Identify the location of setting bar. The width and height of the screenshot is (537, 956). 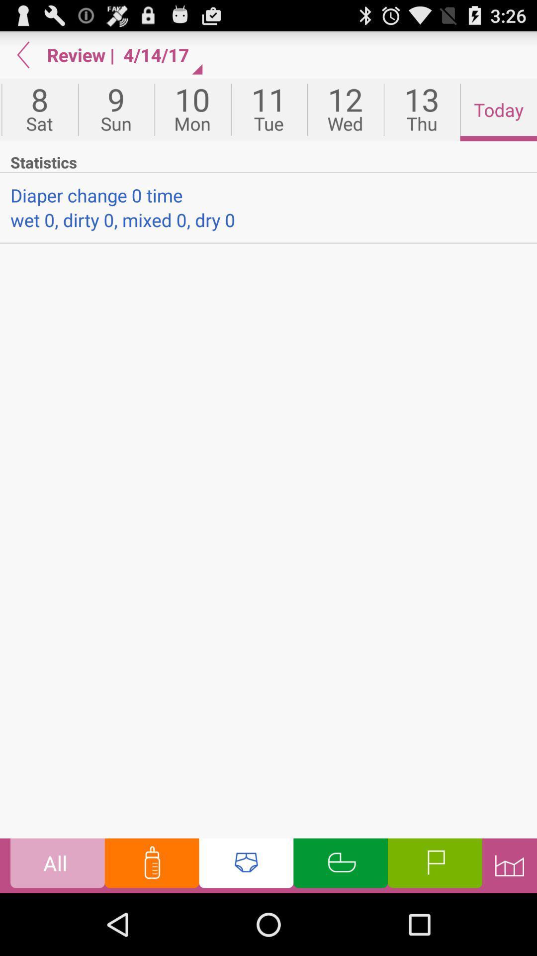
(509, 865).